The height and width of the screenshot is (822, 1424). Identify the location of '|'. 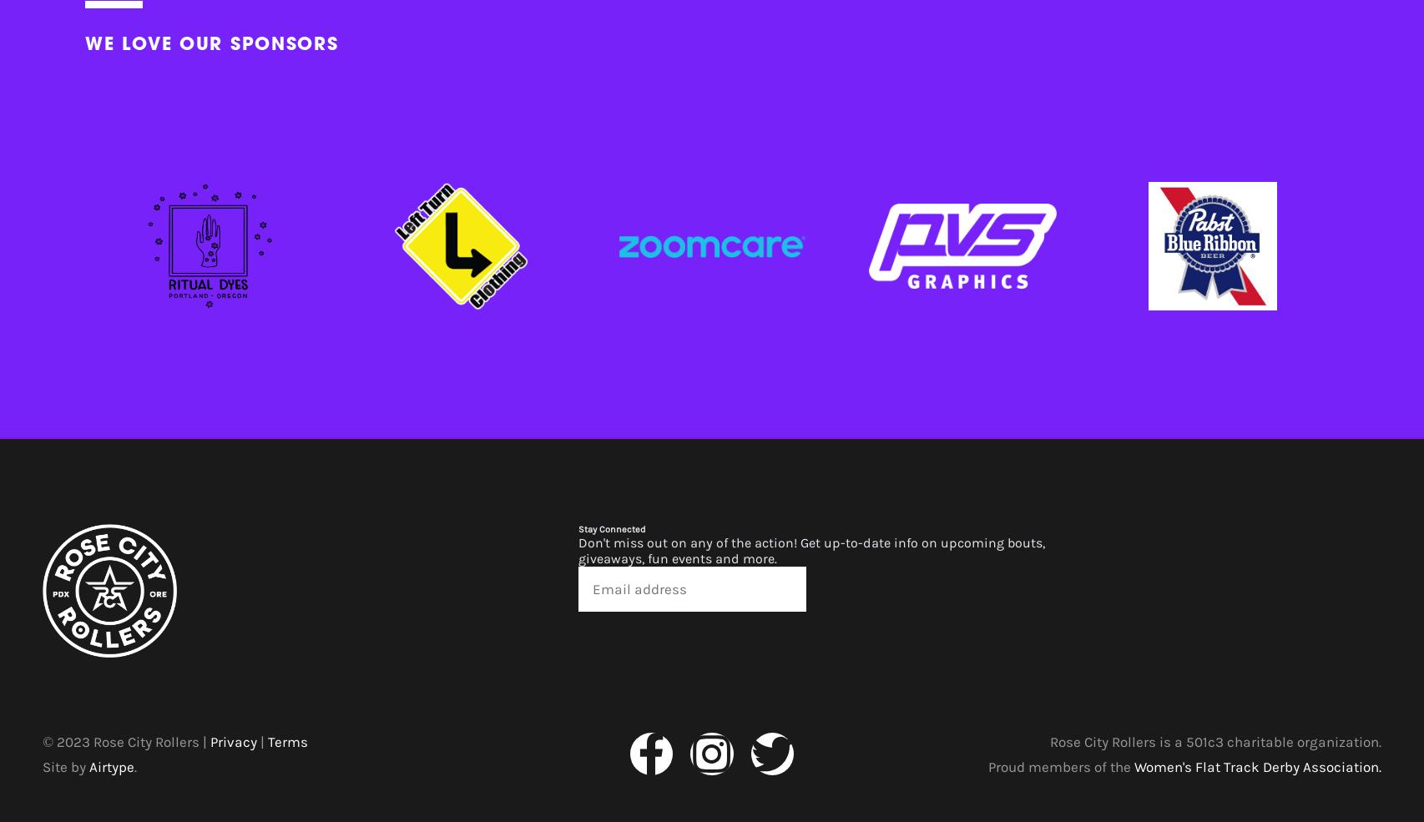
(262, 739).